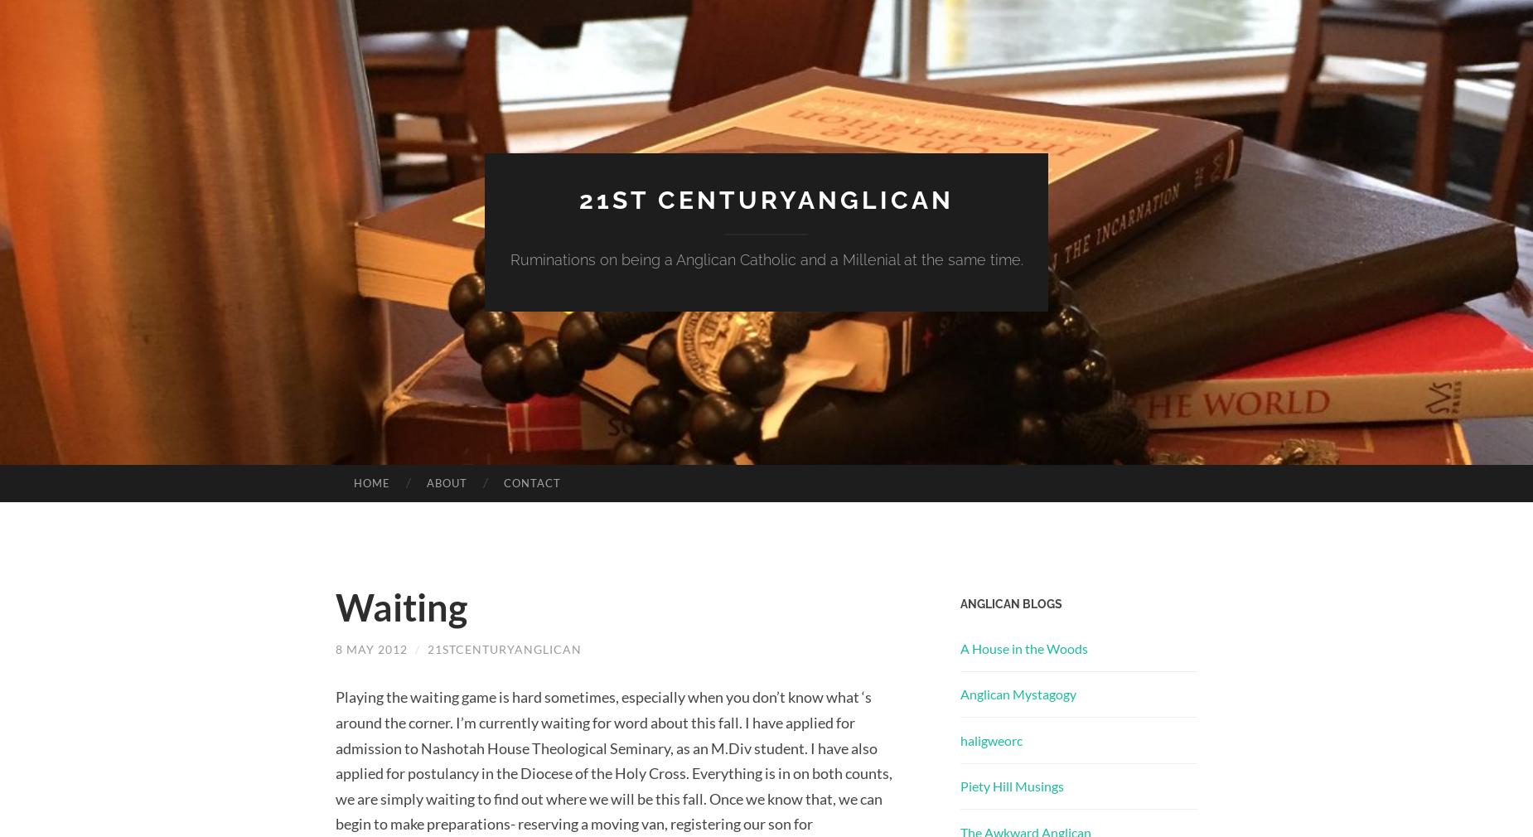  Describe the element at coordinates (417, 649) in the screenshot. I see `'/'` at that location.